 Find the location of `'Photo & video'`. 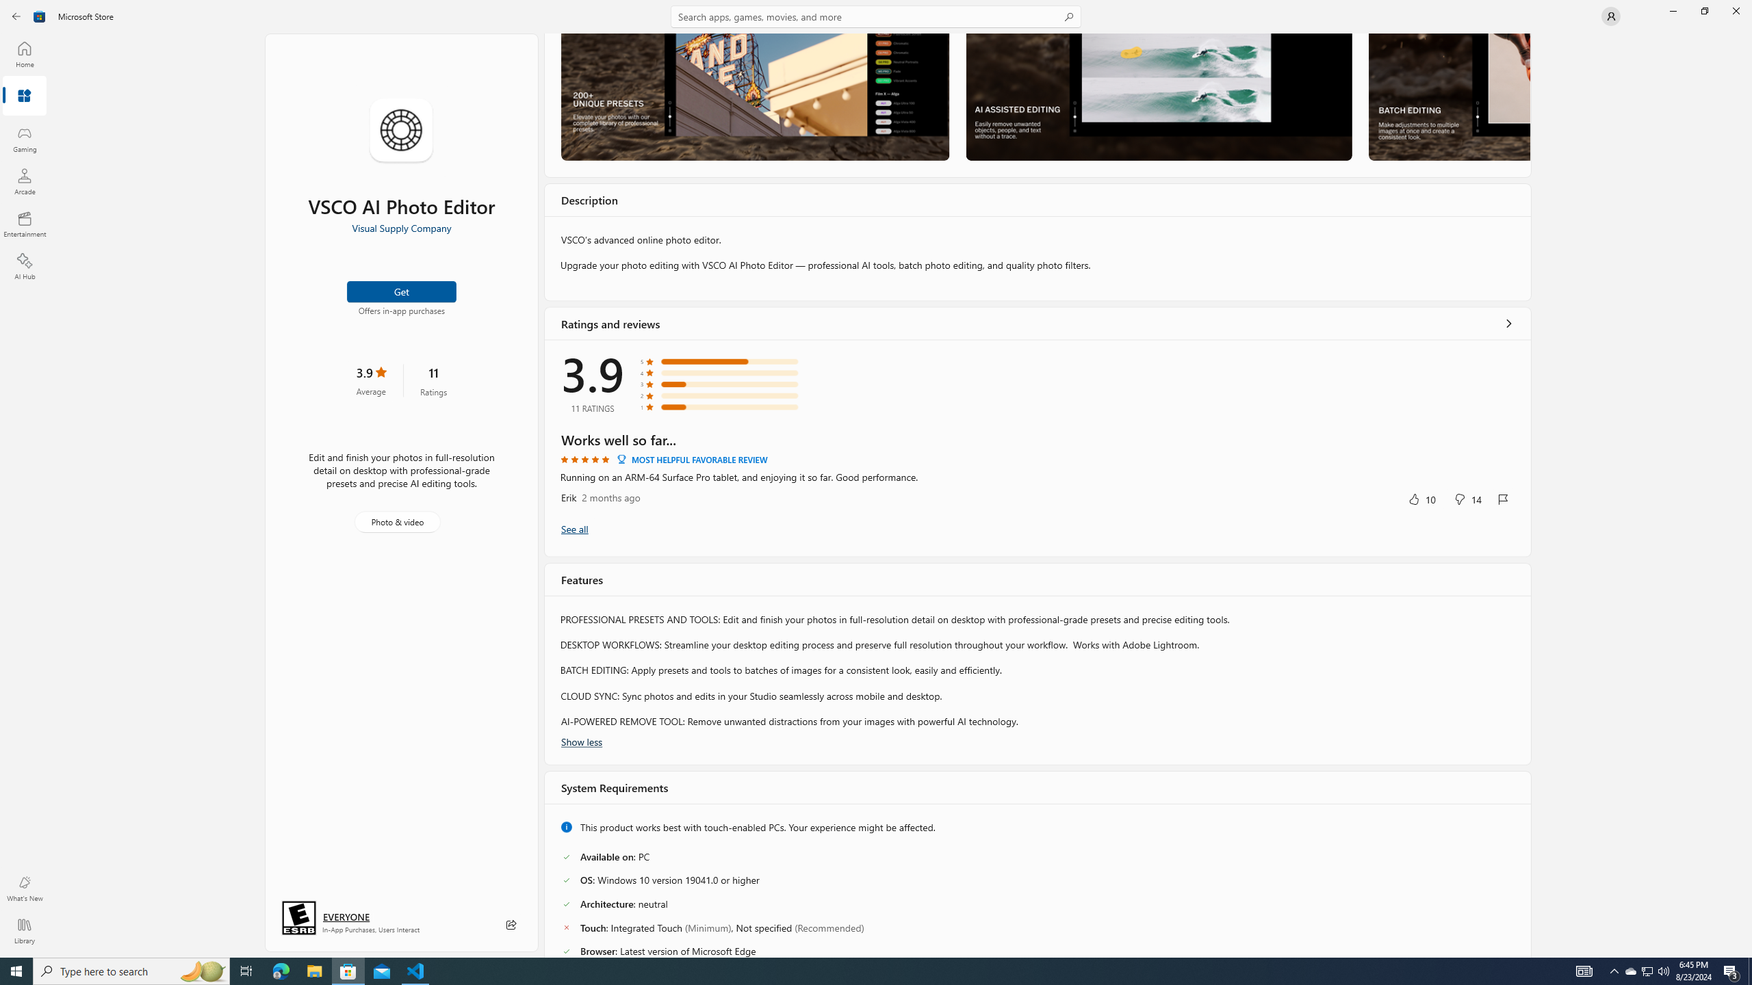

'Photo & video' is located at coordinates (396, 521).